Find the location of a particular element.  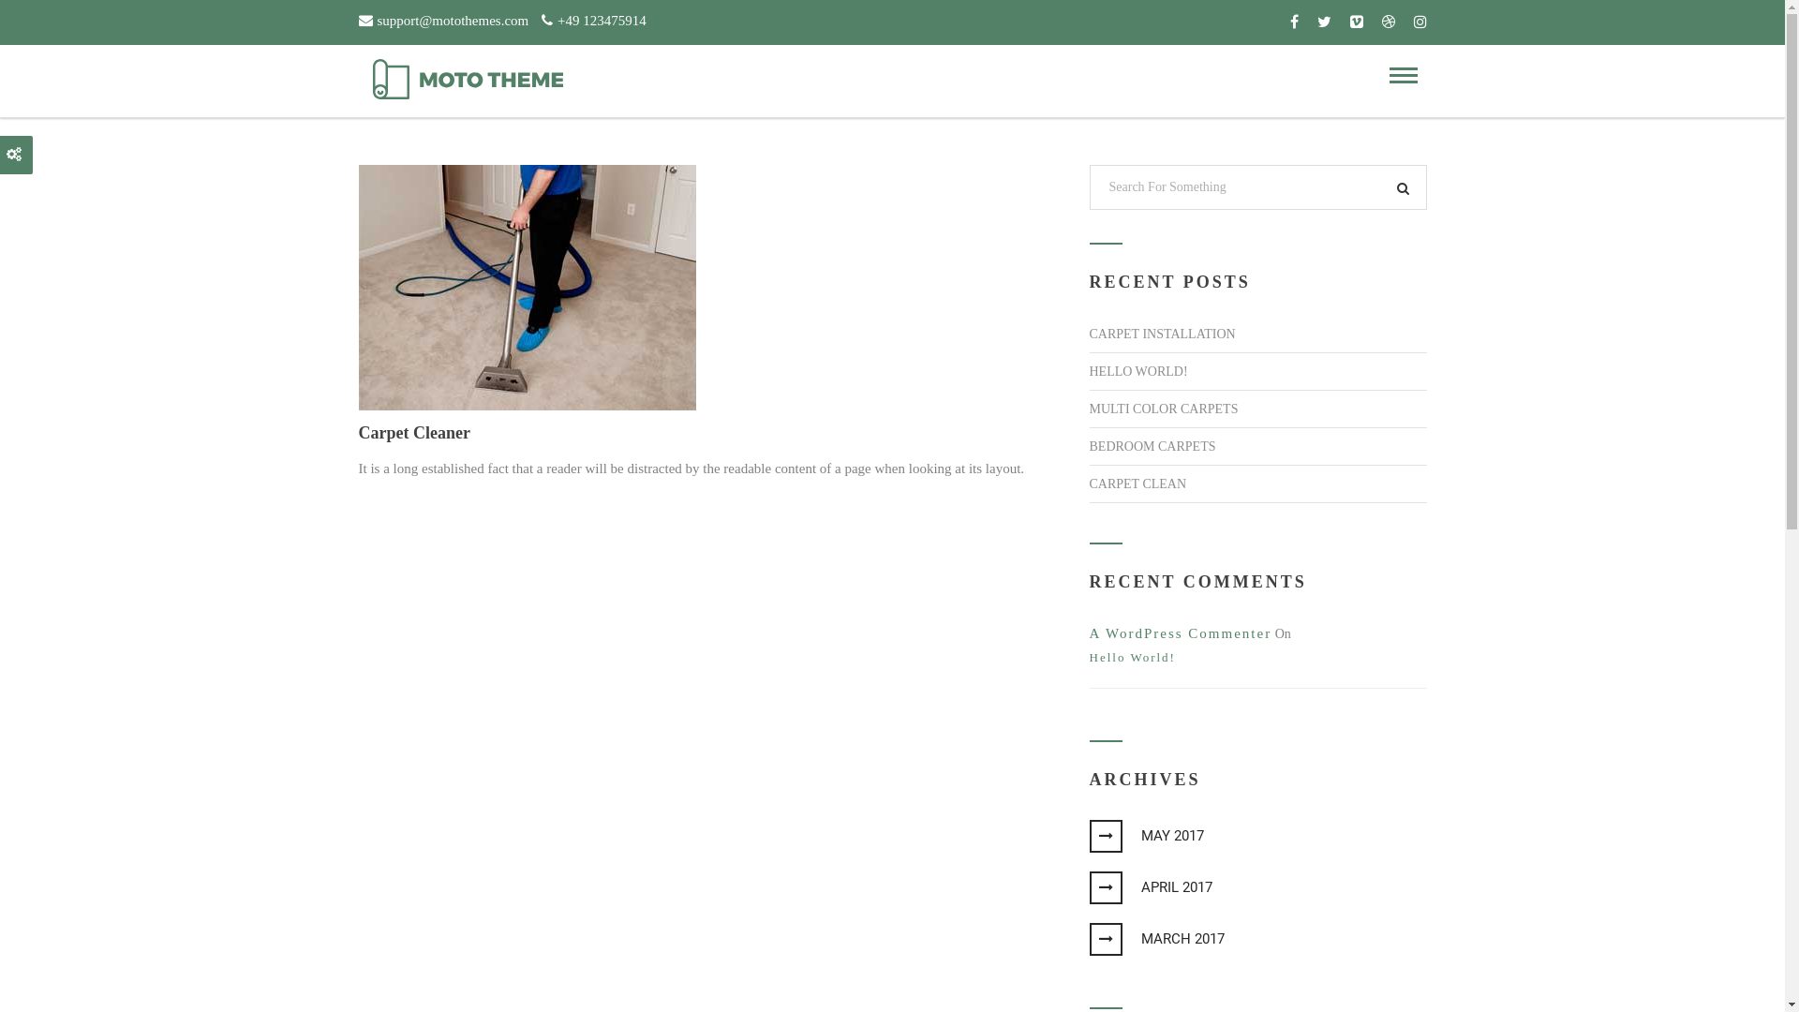

'APRIL 2017' is located at coordinates (1107, 886).